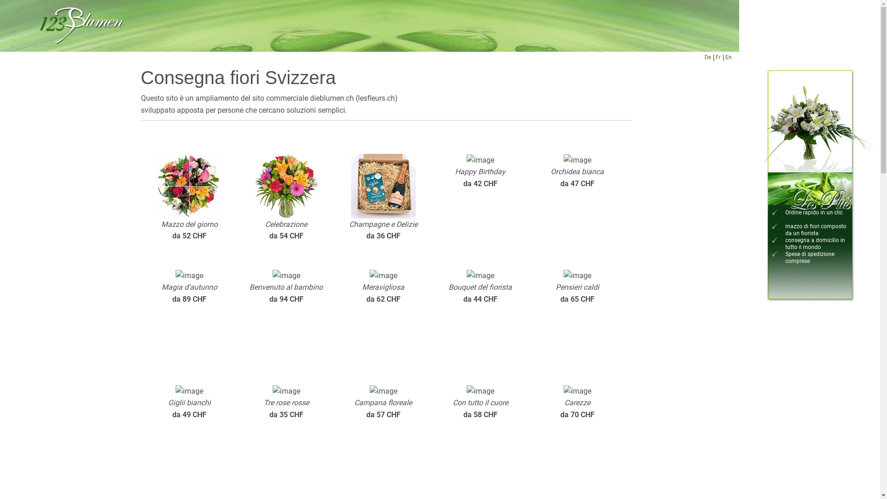  I want to click on 'De', so click(707, 57).